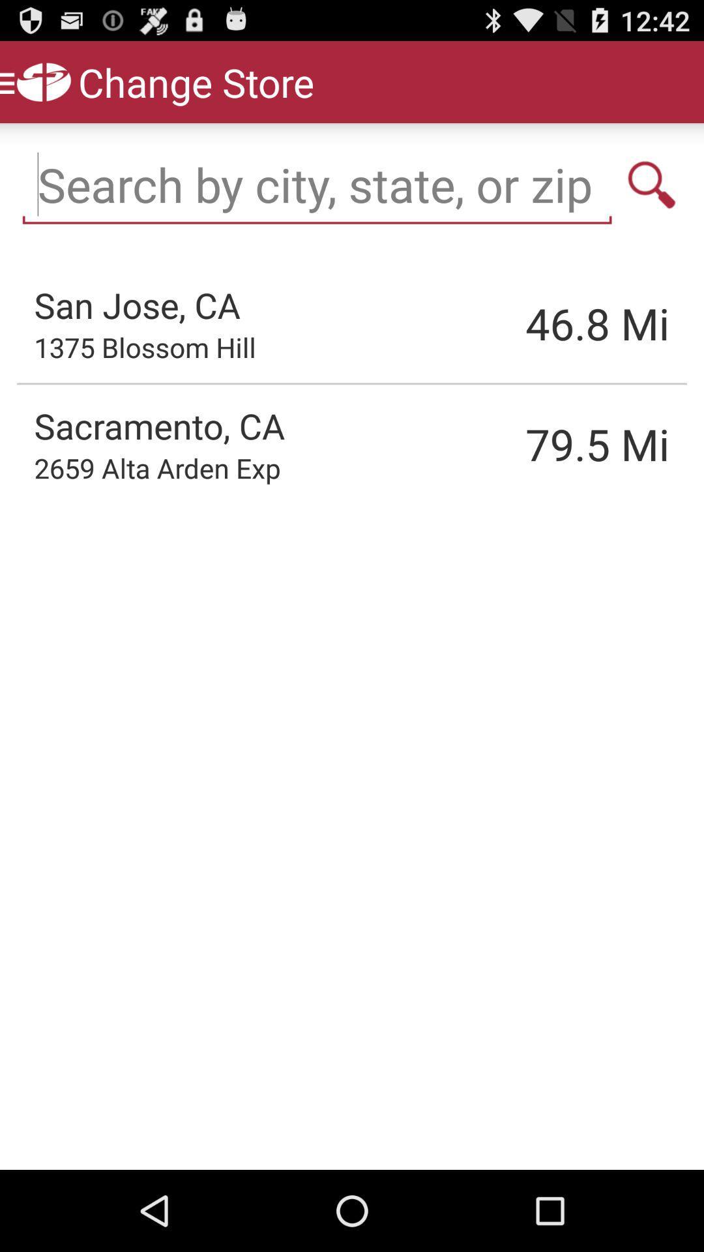 This screenshot has height=1252, width=704. Describe the element at coordinates (531, 444) in the screenshot. I see `the 79.5` at that location.